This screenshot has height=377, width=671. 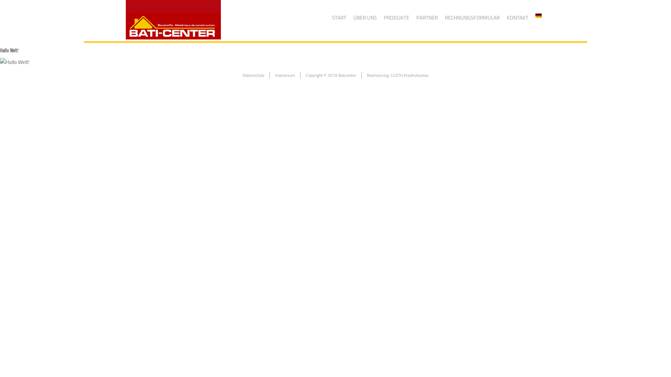 What do you see at coordinates (285, 75) in the screenshot?
I see `'Impressum'` at bounding box center [285, 75].